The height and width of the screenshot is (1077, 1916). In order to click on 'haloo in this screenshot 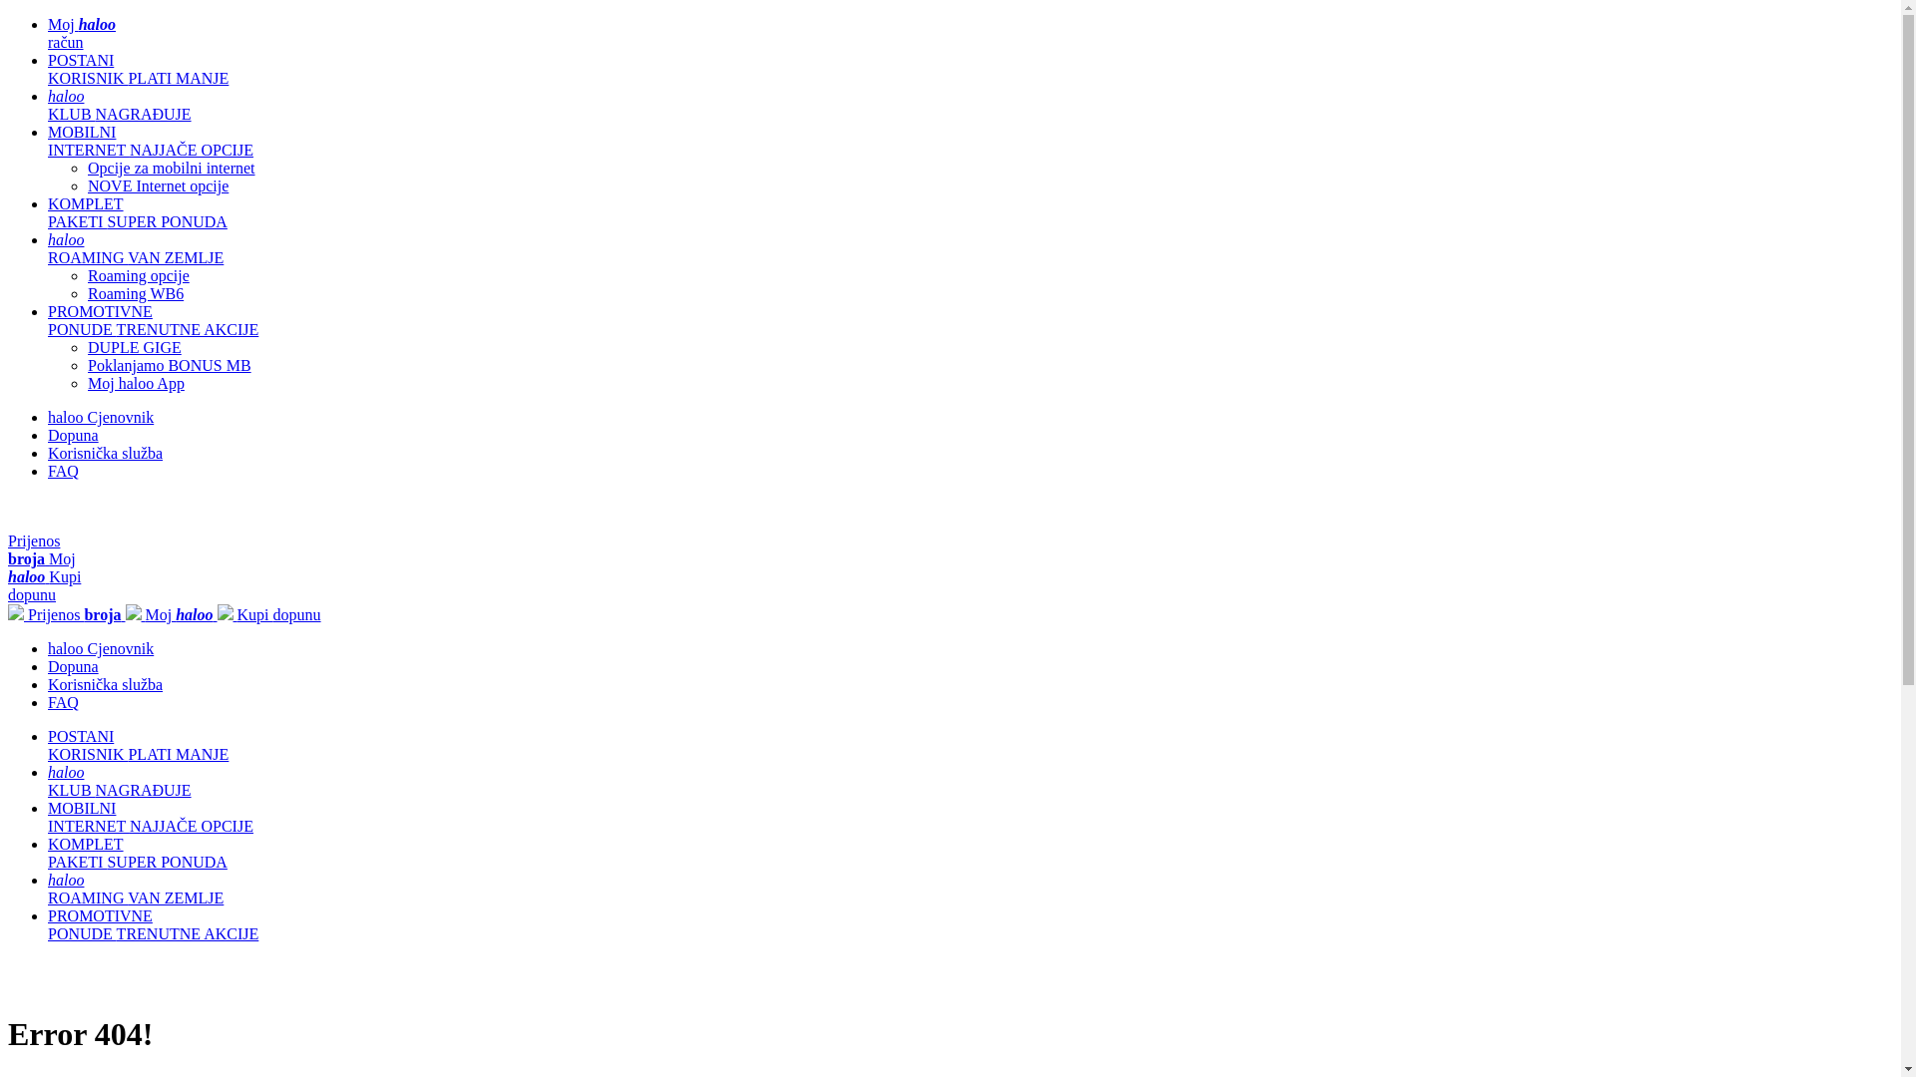, I will do `click(48, 247)`.